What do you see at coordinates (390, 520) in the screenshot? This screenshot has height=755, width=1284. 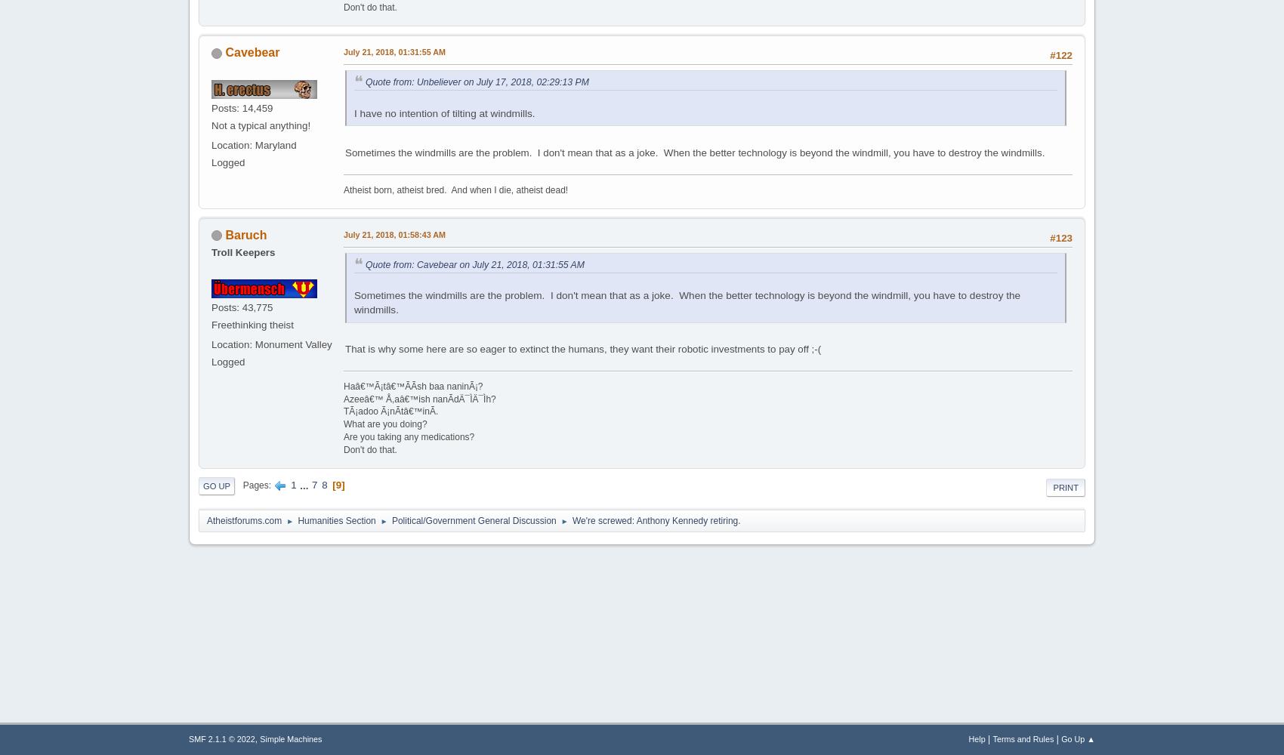 I see `'Political/Government General Discussion'` at bounding box center [390, 520].